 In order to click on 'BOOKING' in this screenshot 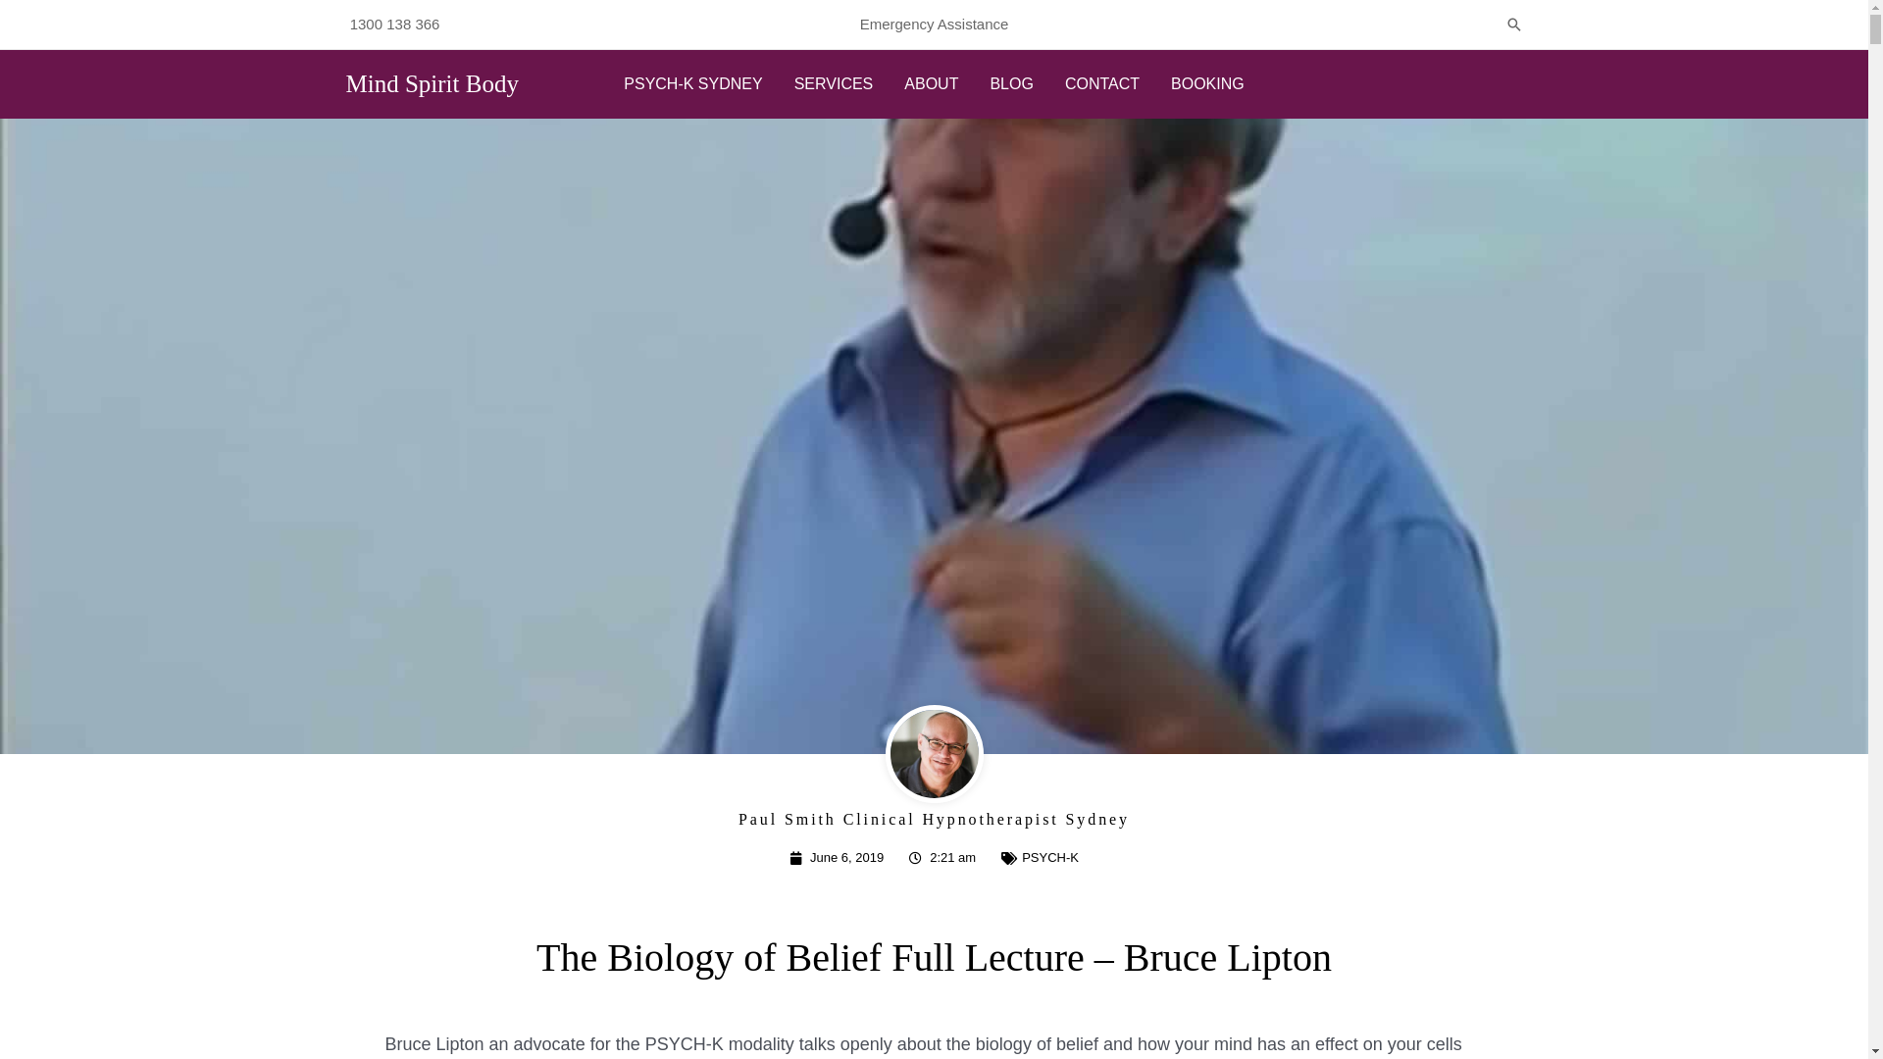, I will do `click(1206, 82)`.